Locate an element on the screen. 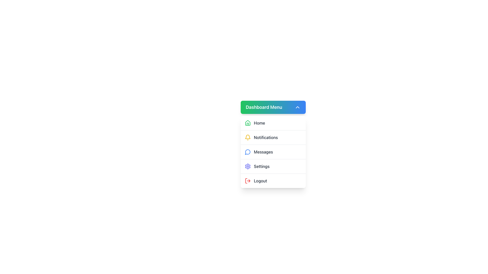  the logout icon located at the bottom of the dropdown menu, to the left of the 'Logout' text is located at coordinates (248, 181).